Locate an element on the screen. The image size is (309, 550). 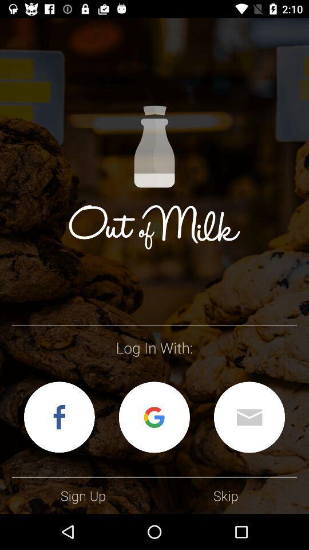
log in with your google account is located at coordinates (154, 417).